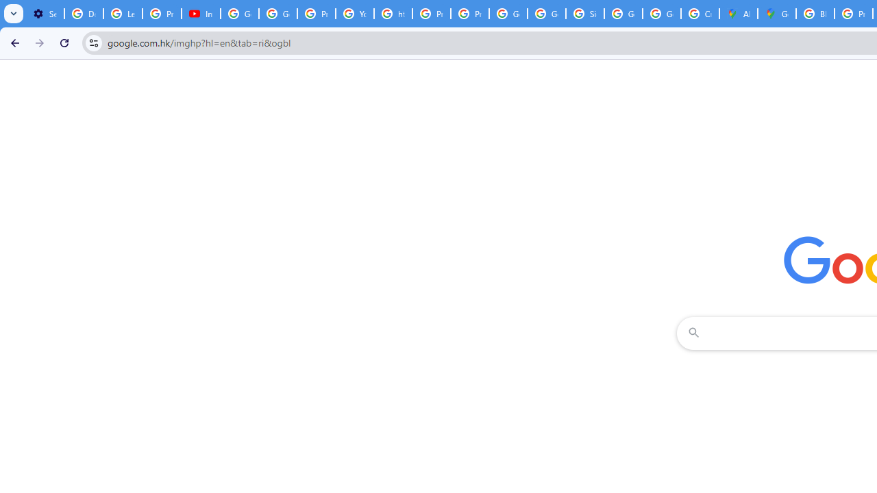 The width and height of the screenshot is (877, 493). Describe the element at coordinates (240, 14) in the screenshot. I see `'Google Account Help'` at that location.